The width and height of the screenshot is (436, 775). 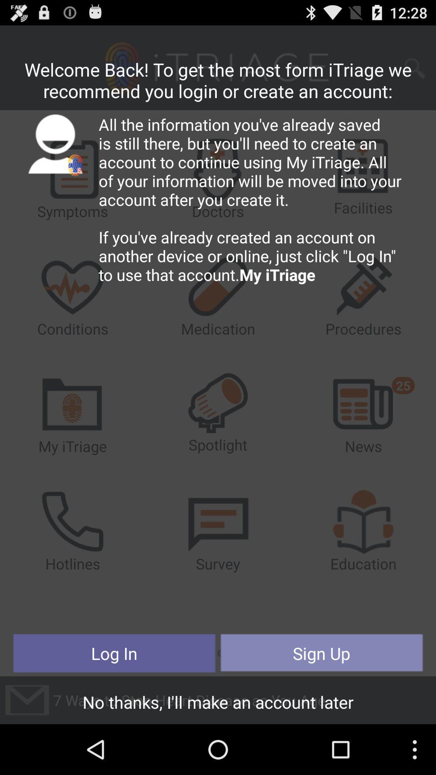 What do you see at coordinates (114, 653) in the screenshot?
I see `the button at the bottom left corner` at bounding box center [114, 653].